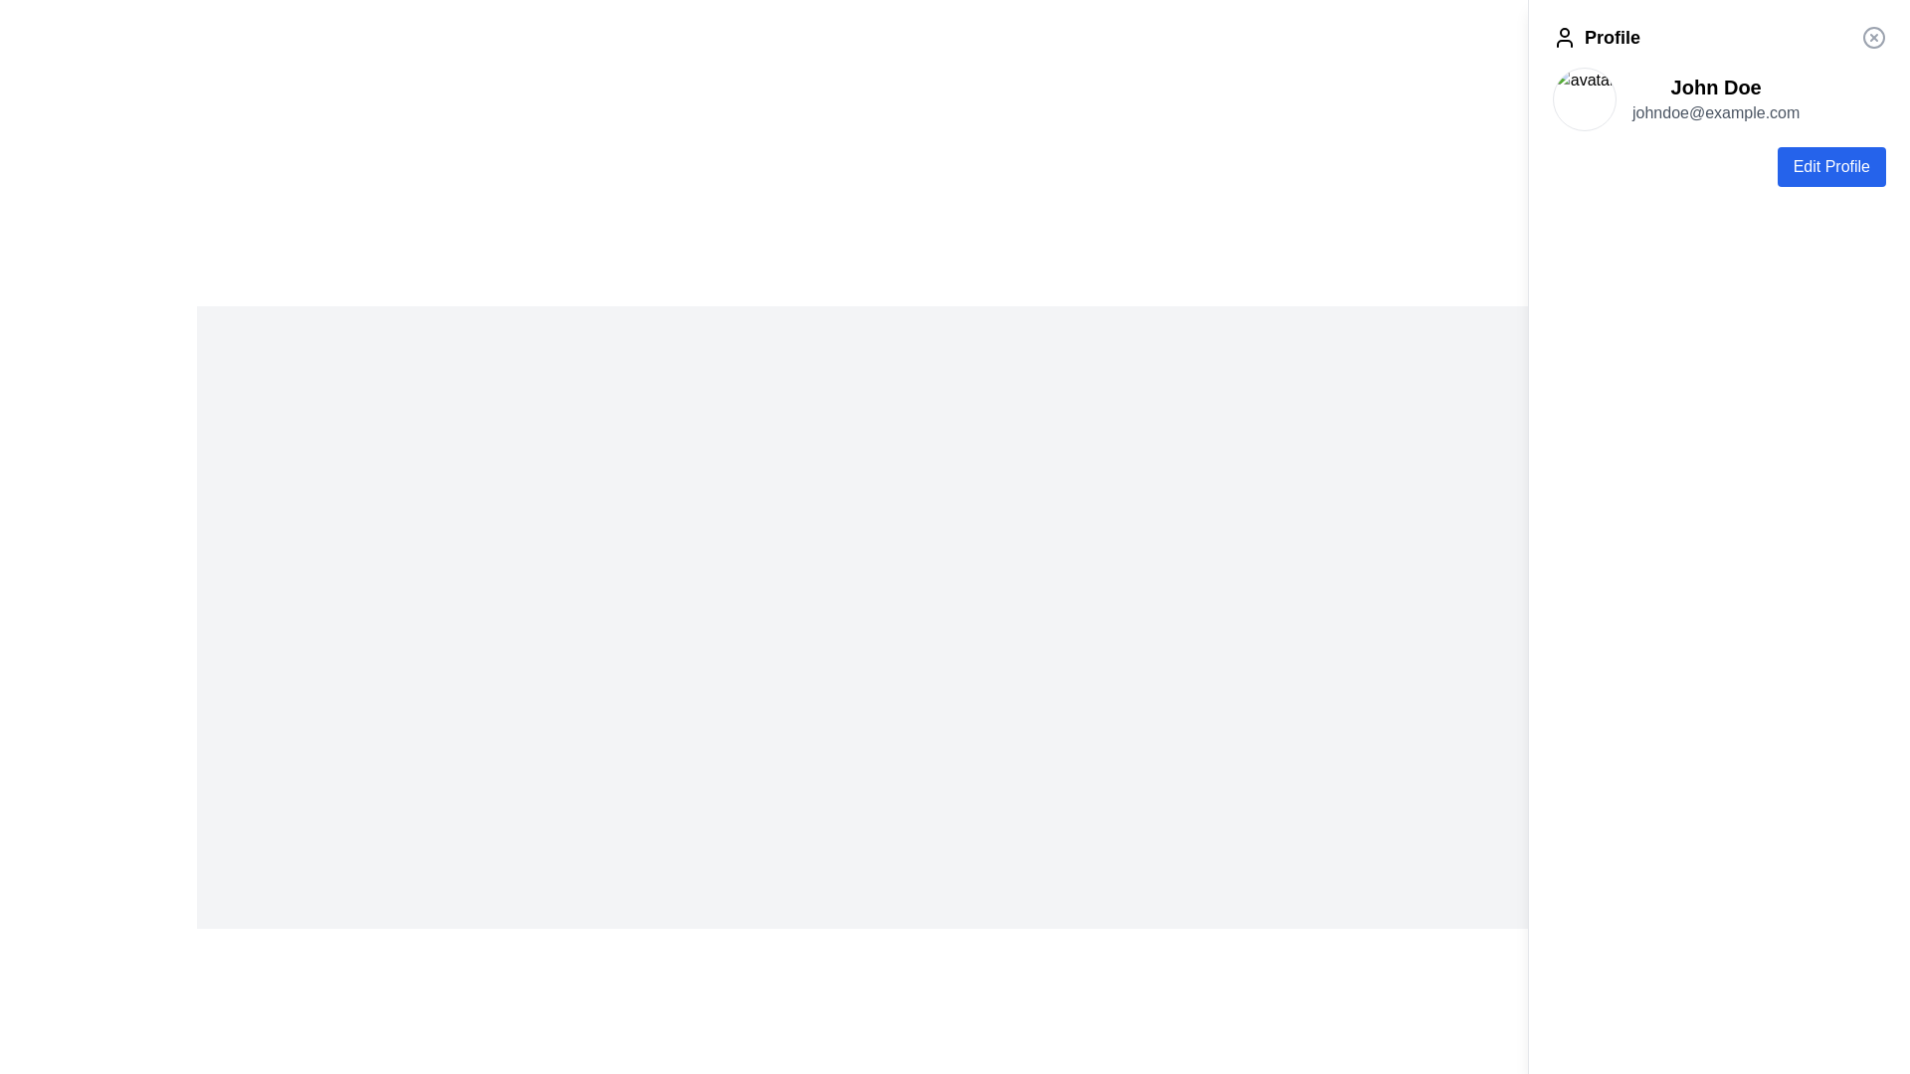 Image resolution: width=1910 pixels, height=1074 pixels. I want to click on the Profile information display which shows a user avatar on the left and text information including the name 'John Doe' and email address 'johndoe@example.com', located on the right sidebar of the interface, so click(1718, 99).